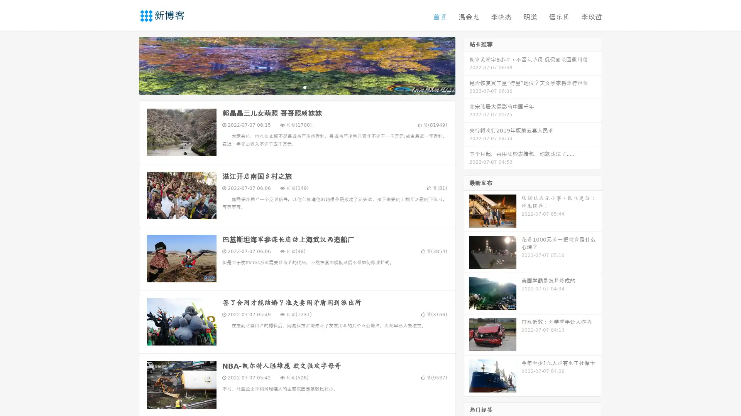  I want to click on Go to slide 1, so click(289, 87).